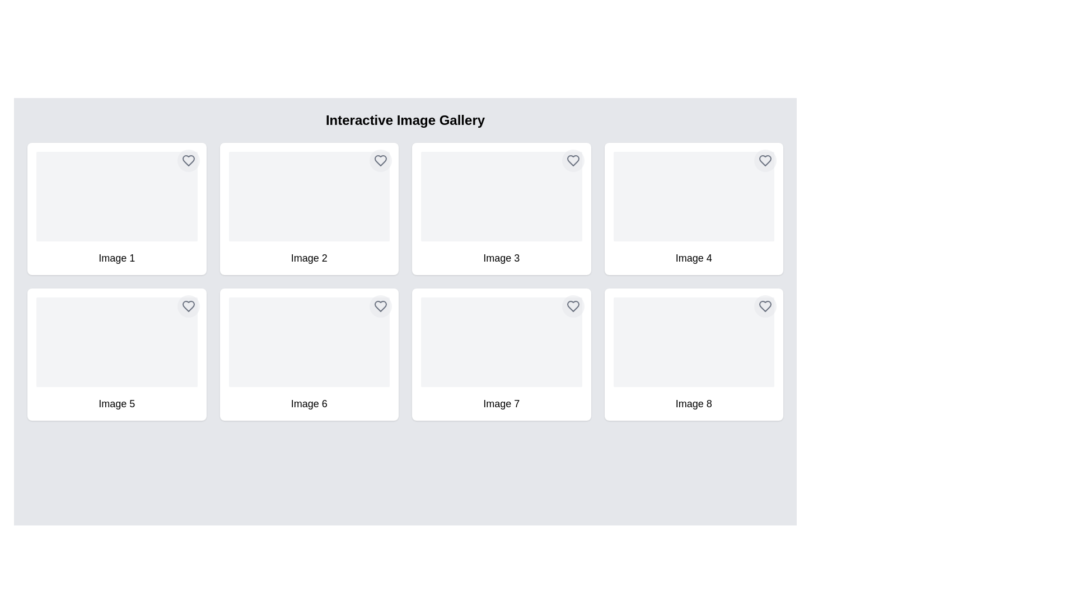 This screenshot has height=605, width=1075. What do you see at coordinates (381, 160) in the screenshot?
I see `the heart-shaped outline icon in the top-right corner of the second image thumbnail to mark the item as a favorite` at bounding box center [381, 160].